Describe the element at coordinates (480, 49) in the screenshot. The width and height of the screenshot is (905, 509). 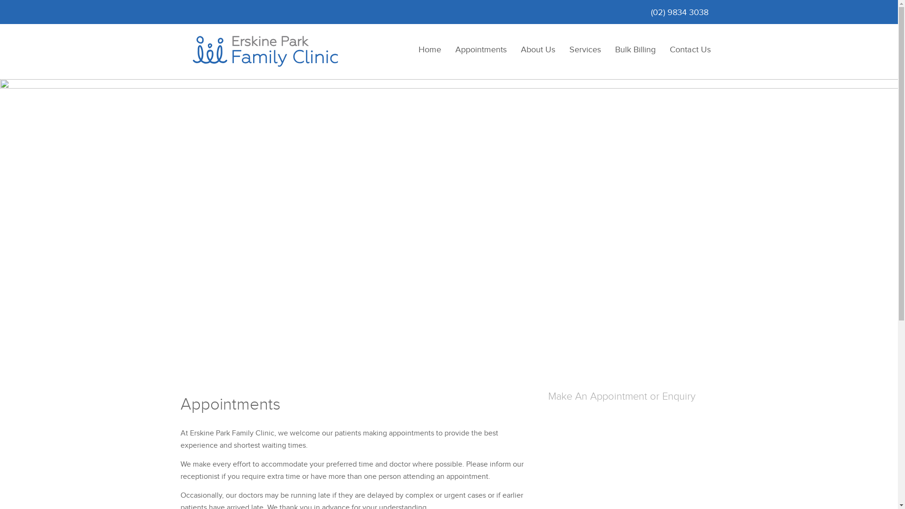
I see `'Appointments'` at that location.